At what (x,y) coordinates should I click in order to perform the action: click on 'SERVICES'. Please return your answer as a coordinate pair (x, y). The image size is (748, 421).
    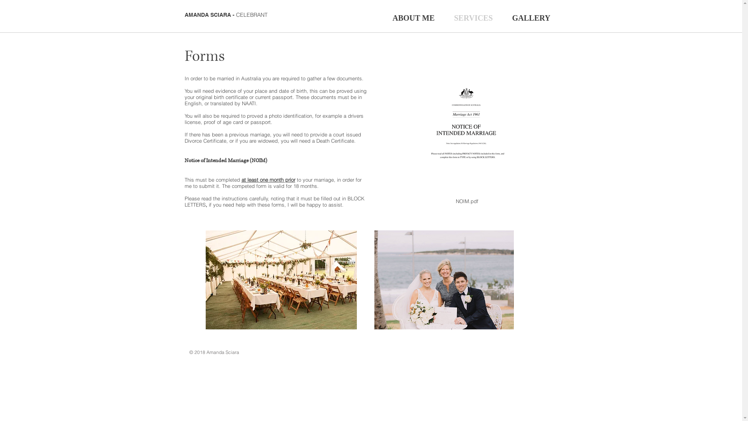
    Looking at the image, I should click on (444, 17).